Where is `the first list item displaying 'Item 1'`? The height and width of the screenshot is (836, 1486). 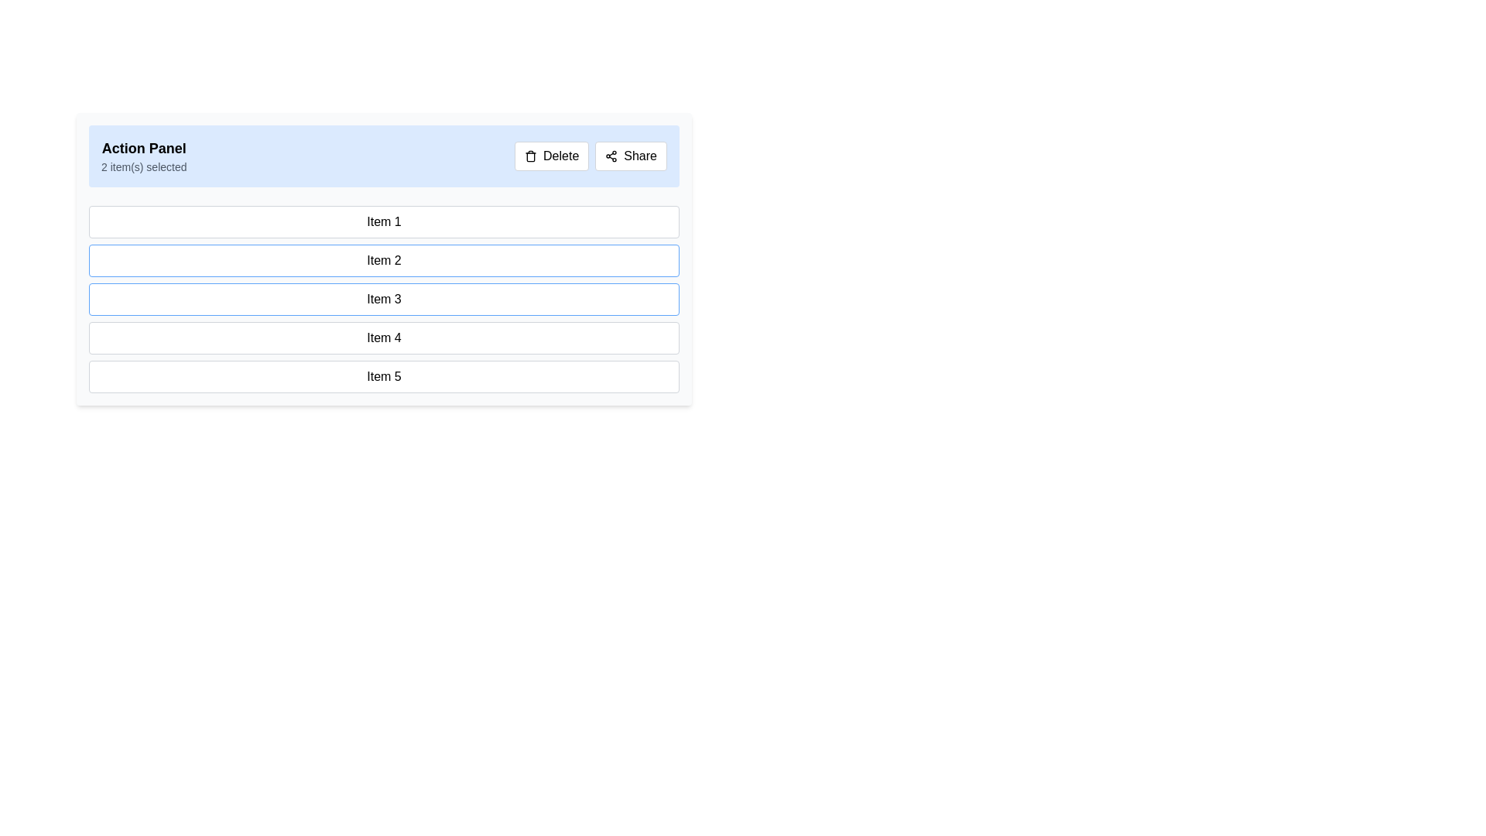
the first list item displaying 'Item 1' is located at coordinates (384, 221).